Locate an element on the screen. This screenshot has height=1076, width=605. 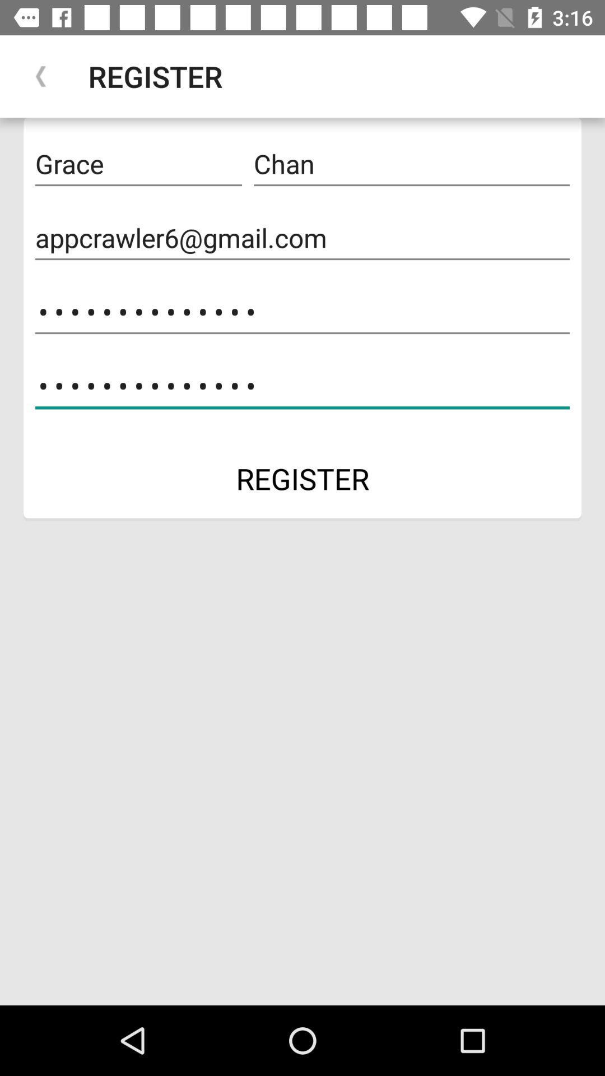
item above the appcrawler3116 item is located at coordinates (302, 238).